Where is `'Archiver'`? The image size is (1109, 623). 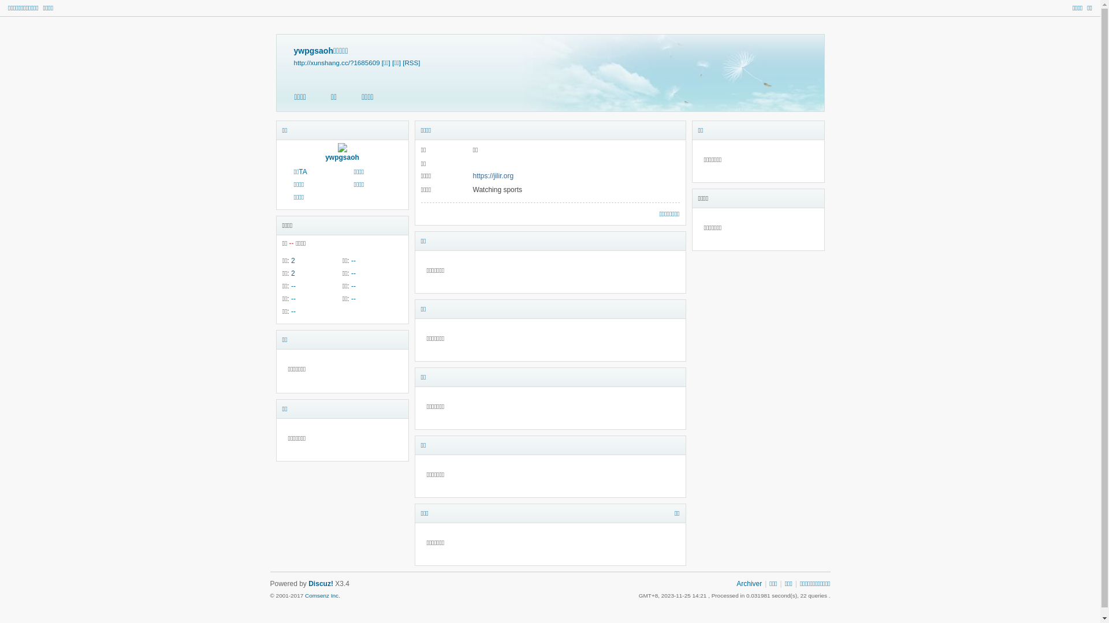
'Archiver' is located at coordinates (749, 583).